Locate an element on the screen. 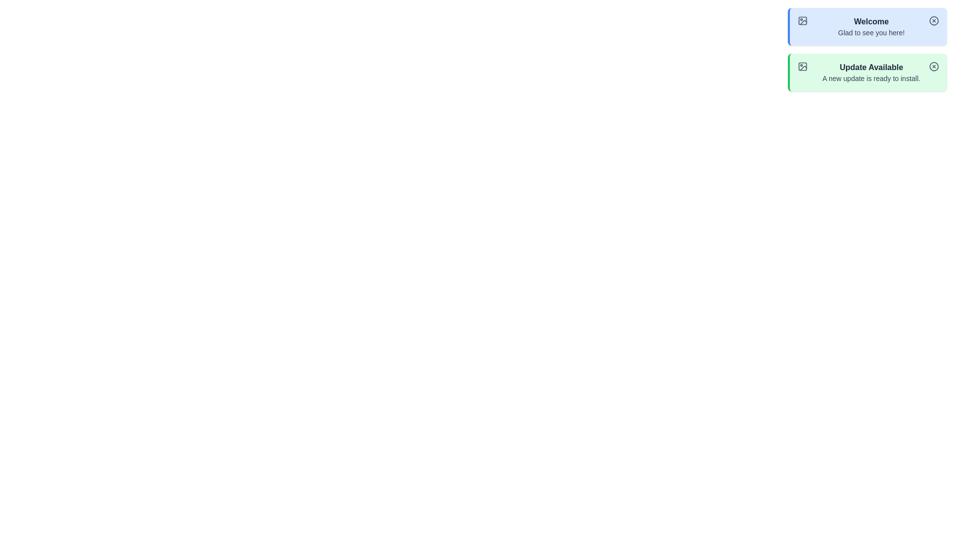  the image icon to focus or interact with it is located at coordinates (802, 21).